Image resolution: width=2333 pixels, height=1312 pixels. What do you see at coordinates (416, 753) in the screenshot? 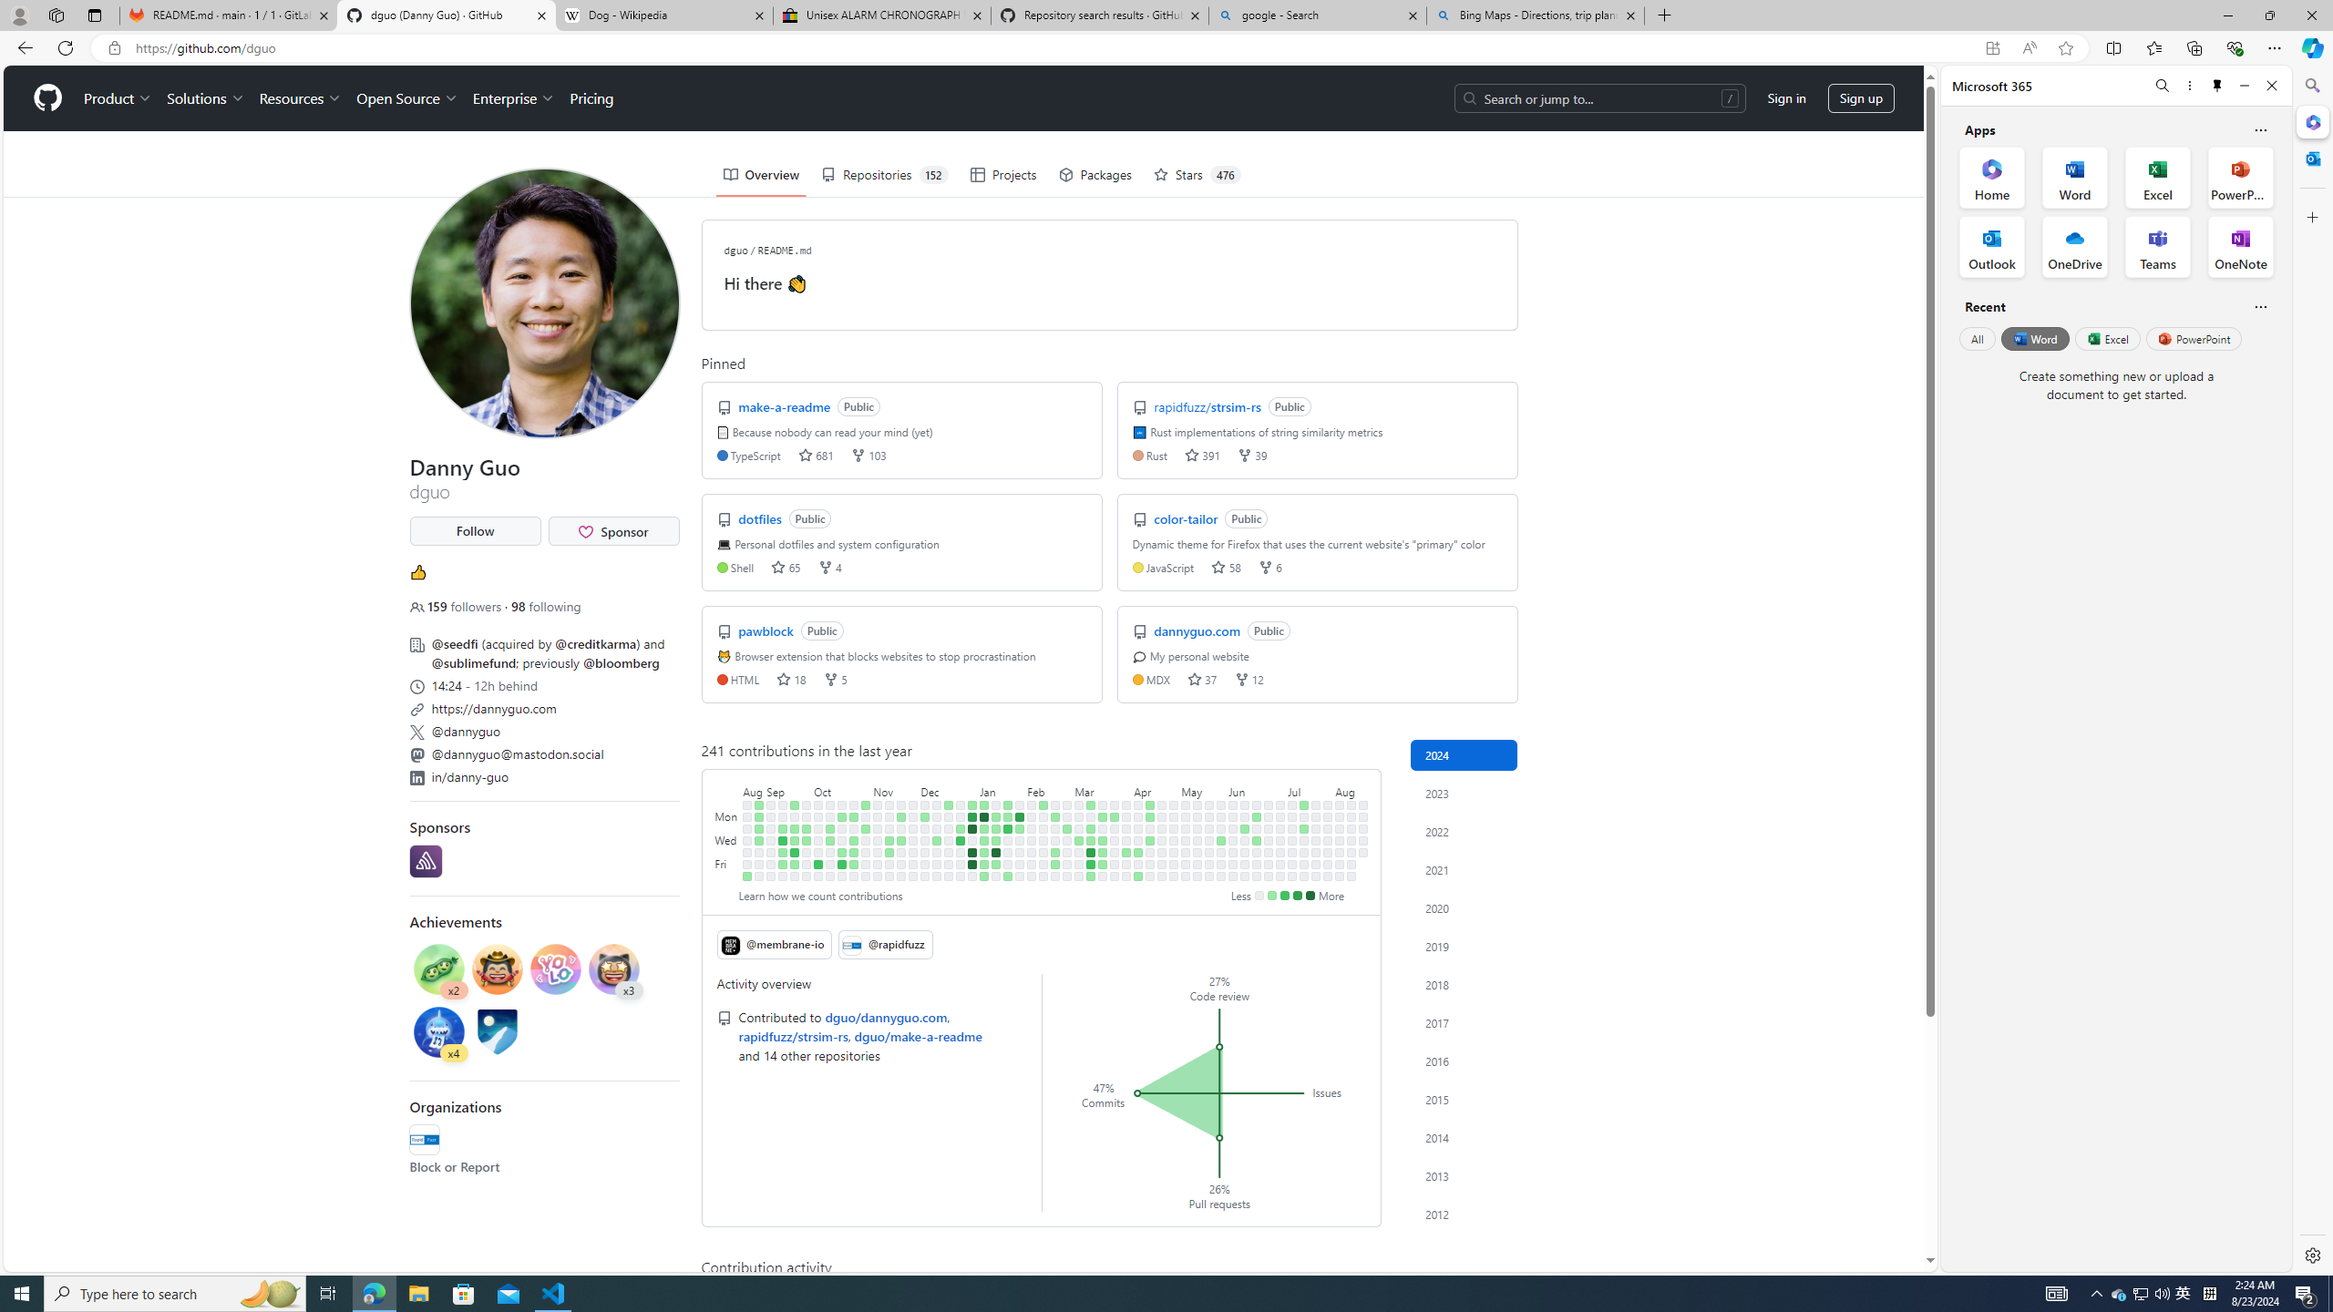
I see `'Mastodon'` at bounding box center [416, 753].